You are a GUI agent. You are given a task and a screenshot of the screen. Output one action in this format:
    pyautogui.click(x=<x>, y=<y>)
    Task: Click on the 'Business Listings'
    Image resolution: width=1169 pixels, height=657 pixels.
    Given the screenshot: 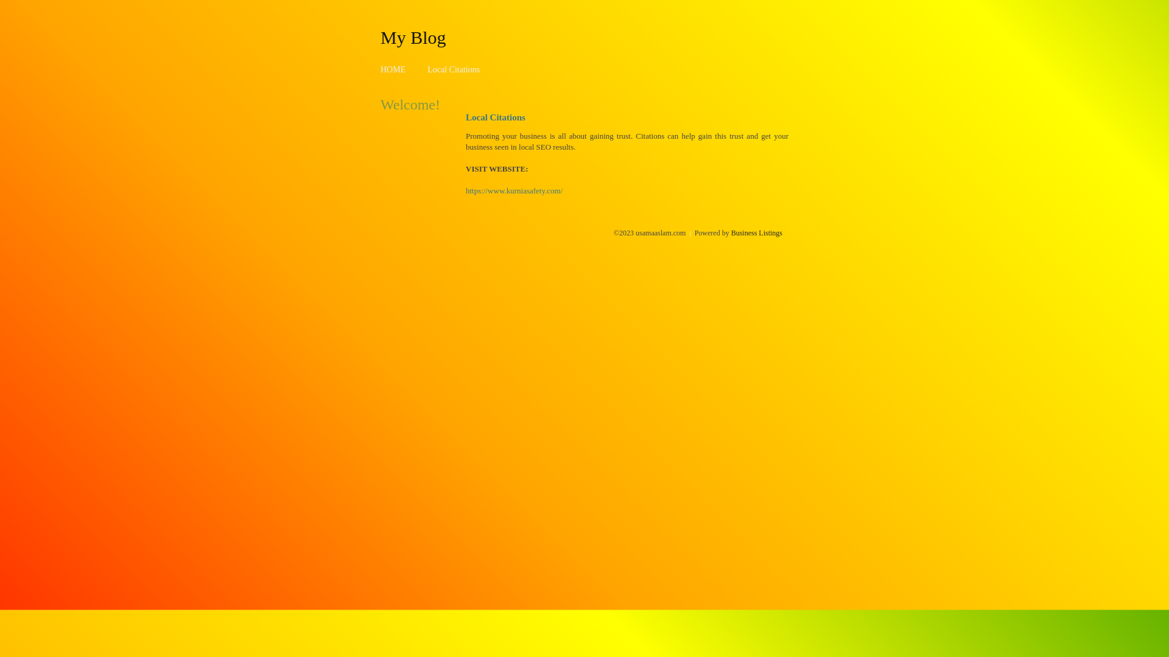 What is the action you would take?
    pyautogui.click(x=756, y=232)
    